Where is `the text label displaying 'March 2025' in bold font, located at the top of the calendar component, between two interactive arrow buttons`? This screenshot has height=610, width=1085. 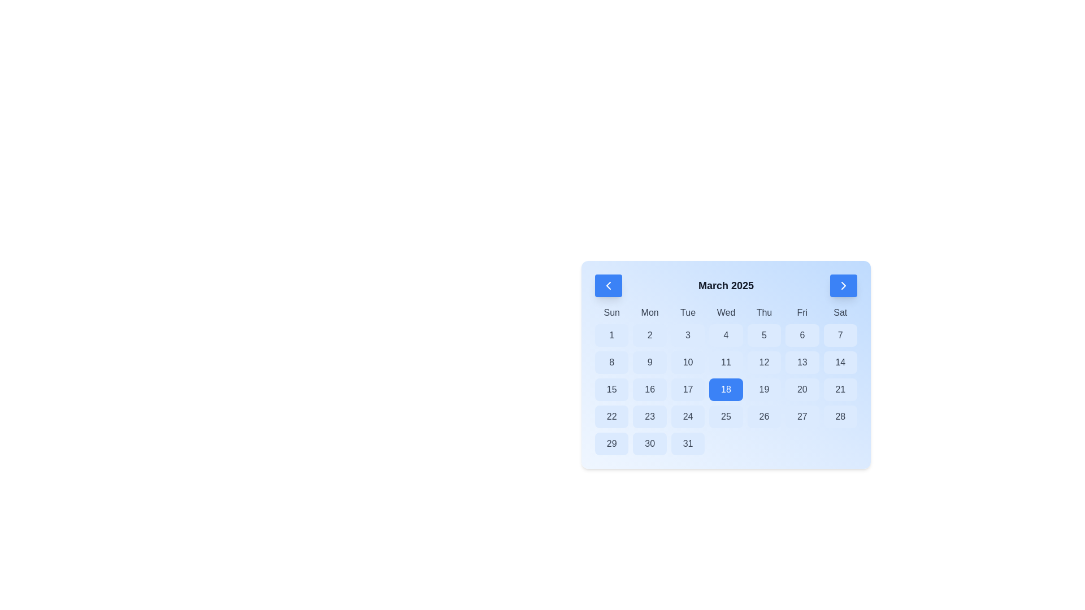
the text label displaying 'March 2025' in bold font, located at the top of the calendar component, between two interactive arrow buttons is located at coordinates (726, 285).